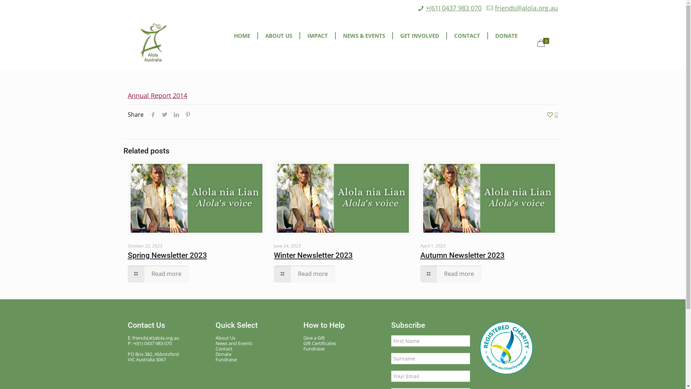 This screenshot has height=389, width=691. Describe the element at coordinates (255, 343) in the screenshot. I see `'News and Events'` at that location.